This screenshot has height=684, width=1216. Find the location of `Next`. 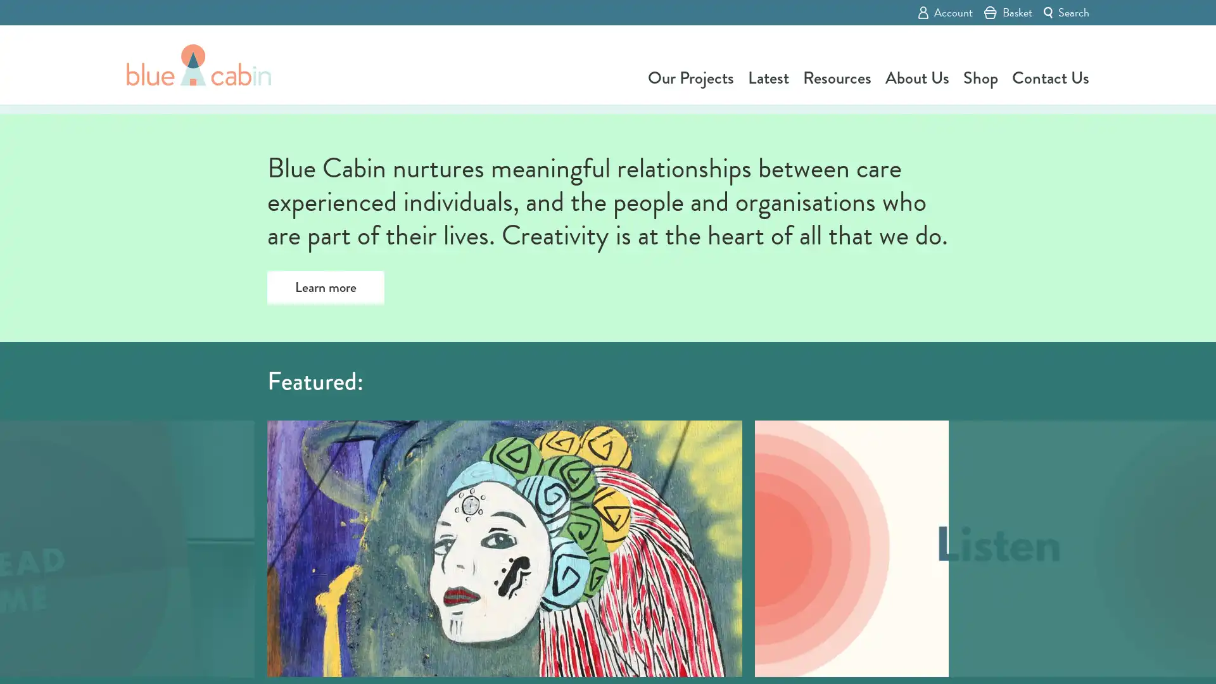

Next is located at coordinates (973, 603).